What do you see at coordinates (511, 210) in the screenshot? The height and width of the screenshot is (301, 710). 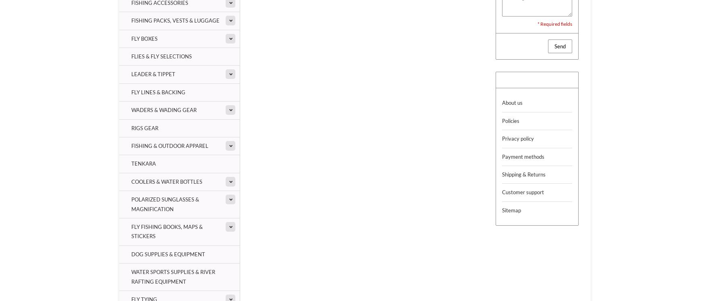 I see `'Sitemap'` at bounding box center [511, 210].